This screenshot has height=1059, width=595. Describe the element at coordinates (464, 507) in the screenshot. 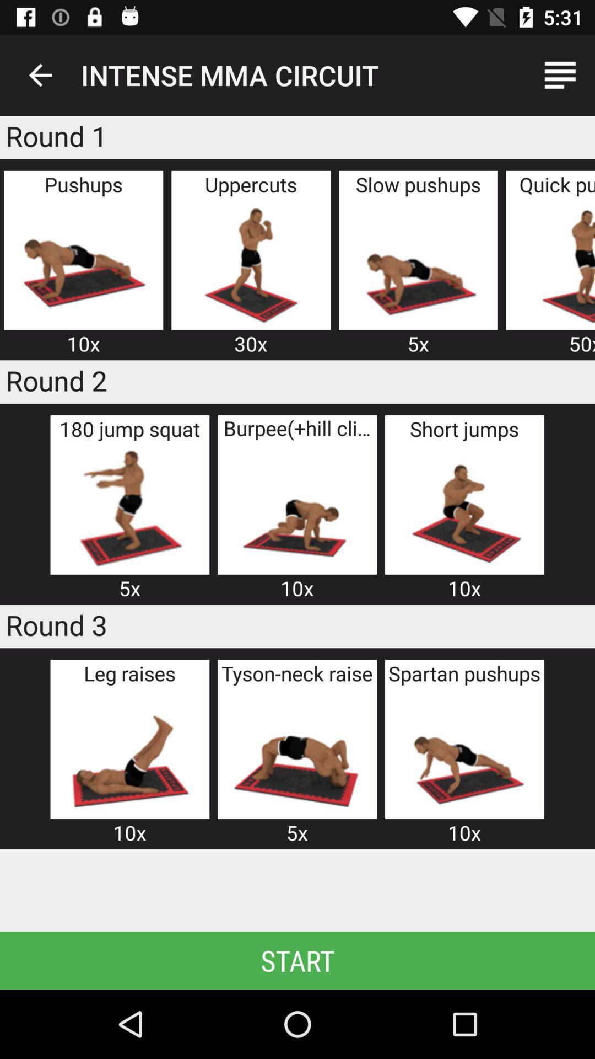

I see `short jumps` at that location.